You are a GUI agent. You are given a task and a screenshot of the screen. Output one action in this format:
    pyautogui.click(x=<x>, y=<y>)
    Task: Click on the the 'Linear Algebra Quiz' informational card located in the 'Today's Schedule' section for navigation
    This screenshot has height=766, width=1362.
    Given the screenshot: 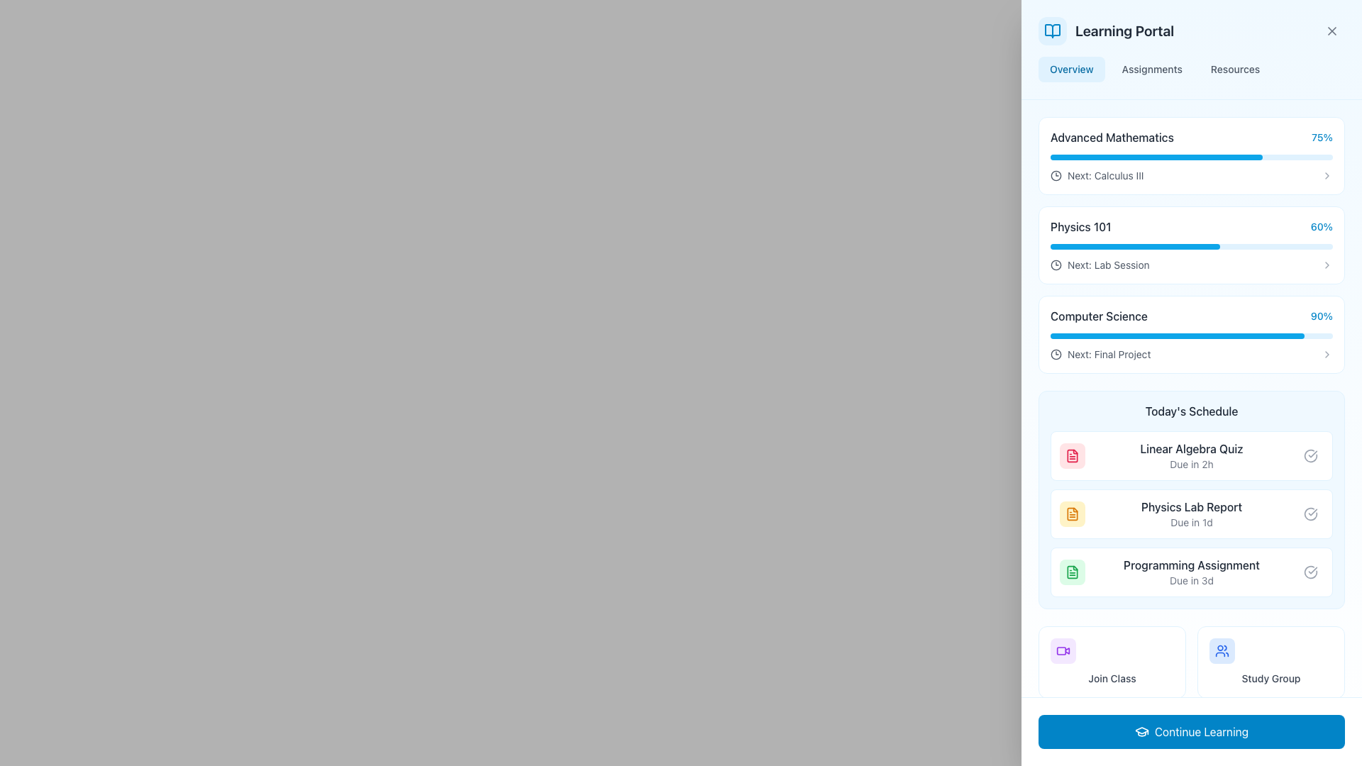 What is the action you would take?
    pyautogui.click(x=1192, y=456)
    